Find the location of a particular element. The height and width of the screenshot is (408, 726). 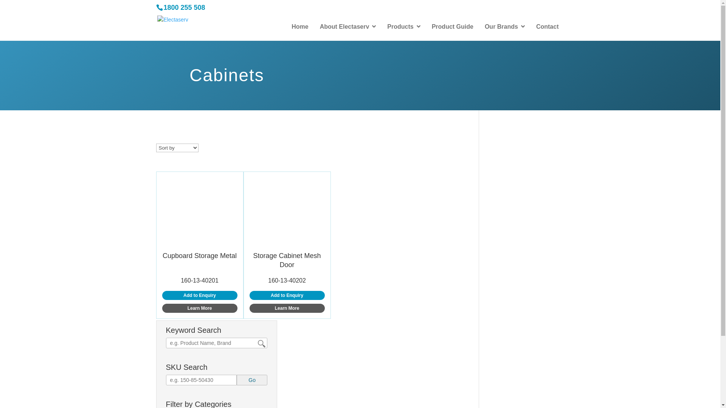

'Our Brands' is located at coordinates (504, 26).